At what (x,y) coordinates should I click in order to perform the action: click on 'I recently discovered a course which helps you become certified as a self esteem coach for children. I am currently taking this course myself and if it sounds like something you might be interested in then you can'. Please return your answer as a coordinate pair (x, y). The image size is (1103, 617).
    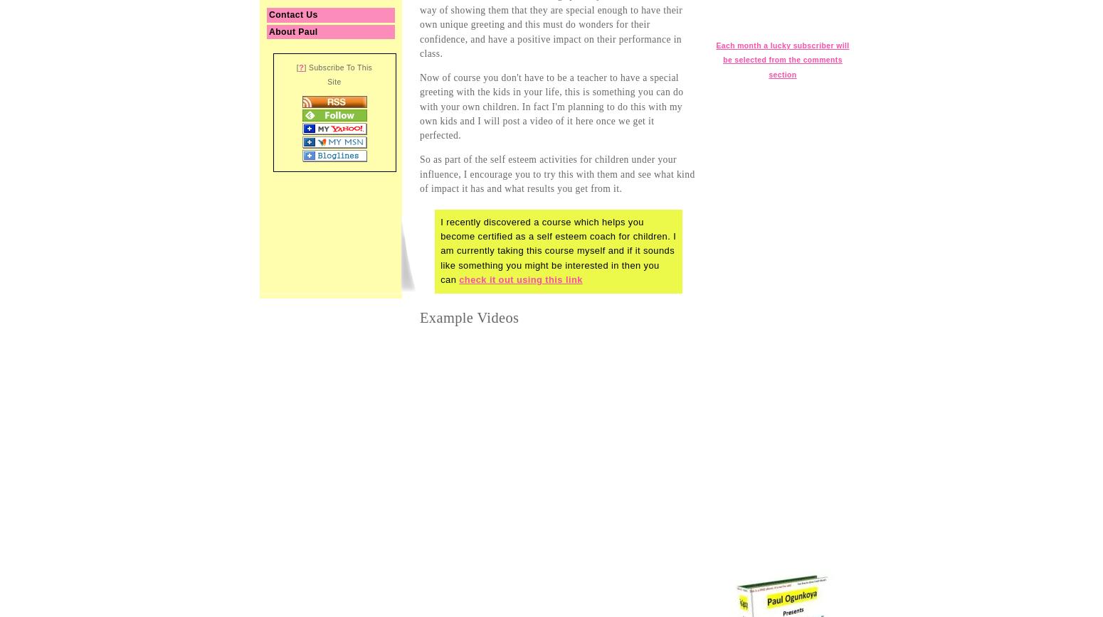
    Looking at the image, I should click on (440, 250).